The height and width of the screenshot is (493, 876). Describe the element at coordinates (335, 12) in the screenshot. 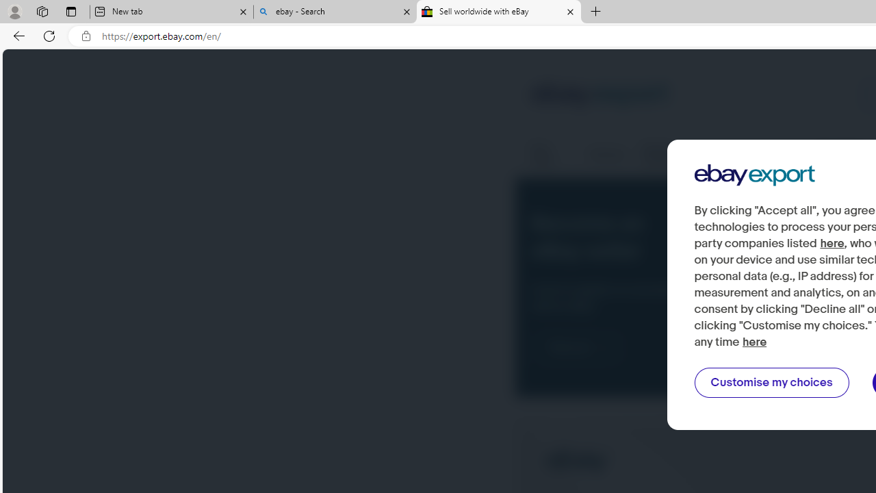

I see `'ebay - Search'` at that location.